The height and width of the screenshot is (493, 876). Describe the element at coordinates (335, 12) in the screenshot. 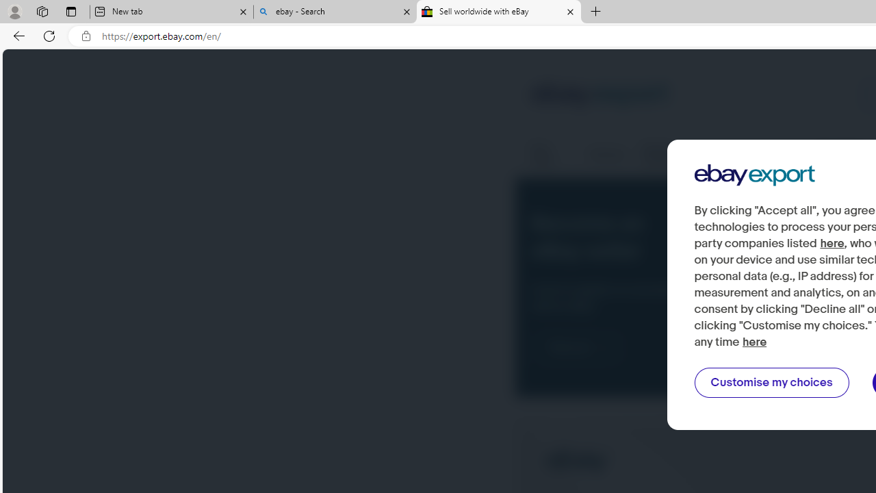

I see `'ebay - Search'` at that location.